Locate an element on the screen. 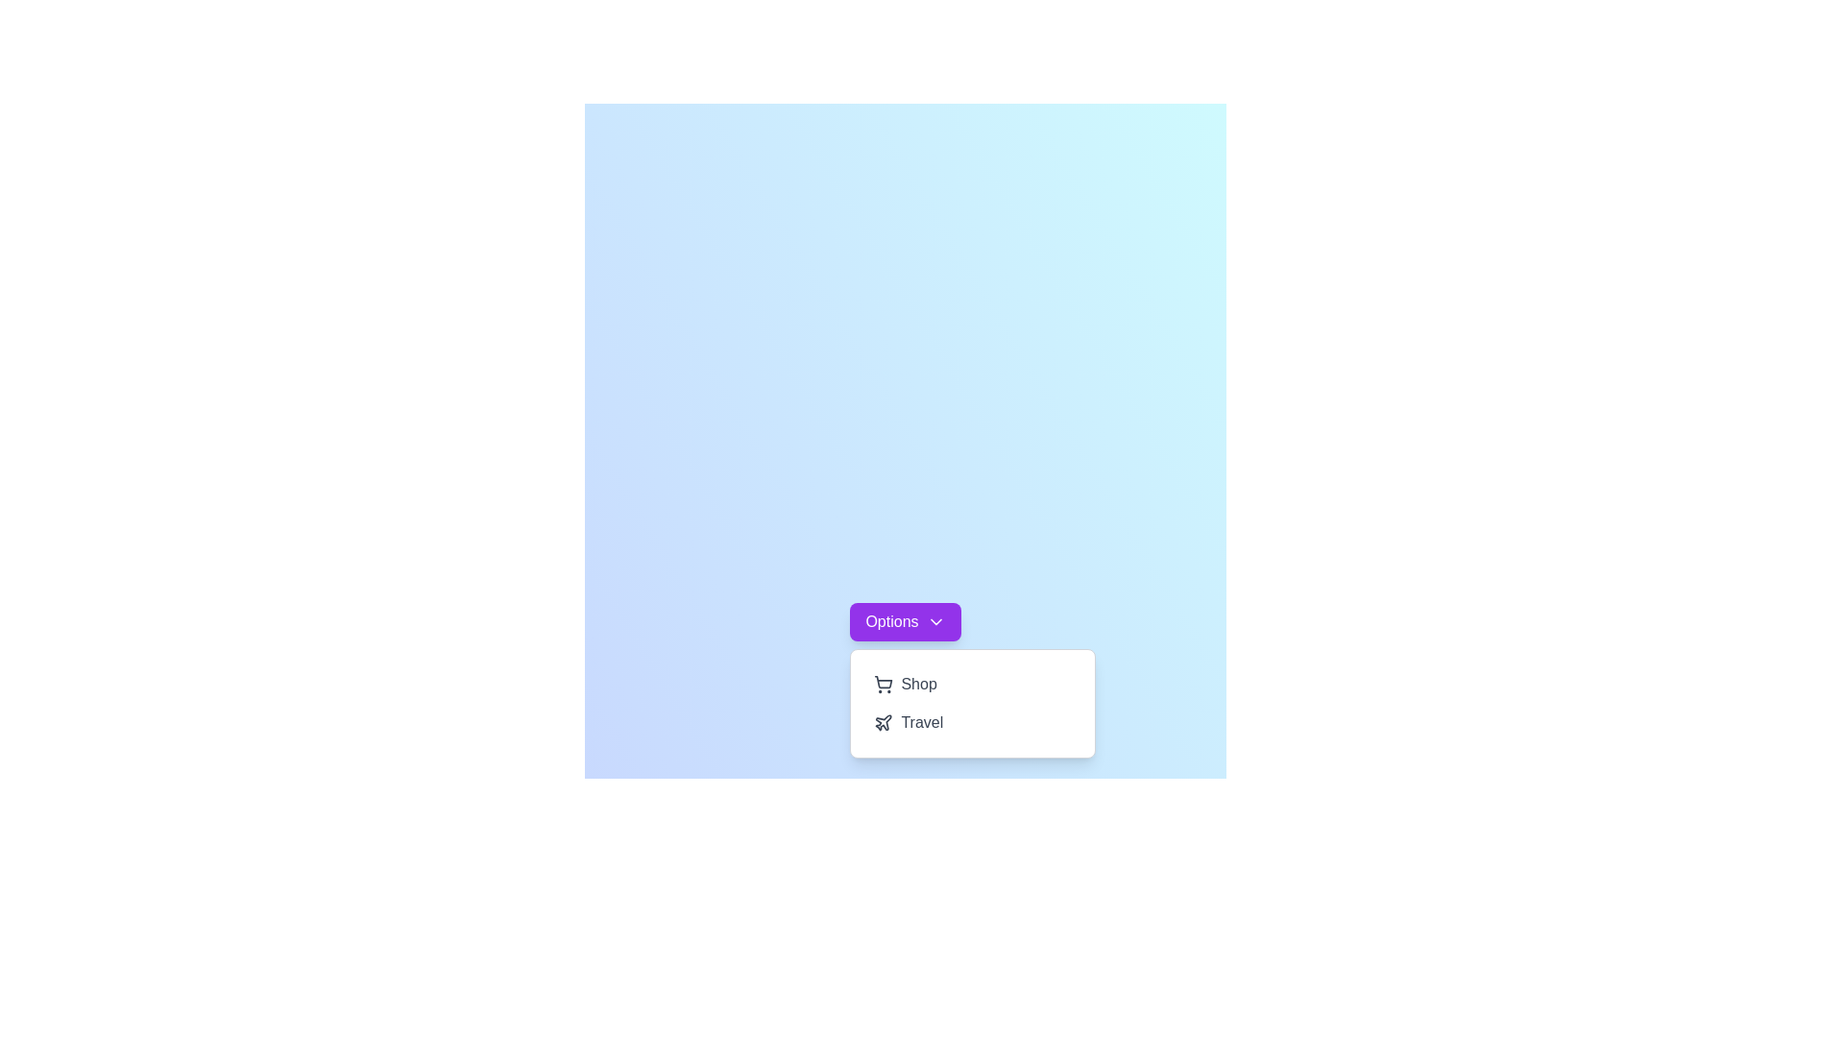 This screenshot has width=1844, height=1037. the second menu item in the dropdown menu under the purple 'Options' button is located at coordinates (973, 703).